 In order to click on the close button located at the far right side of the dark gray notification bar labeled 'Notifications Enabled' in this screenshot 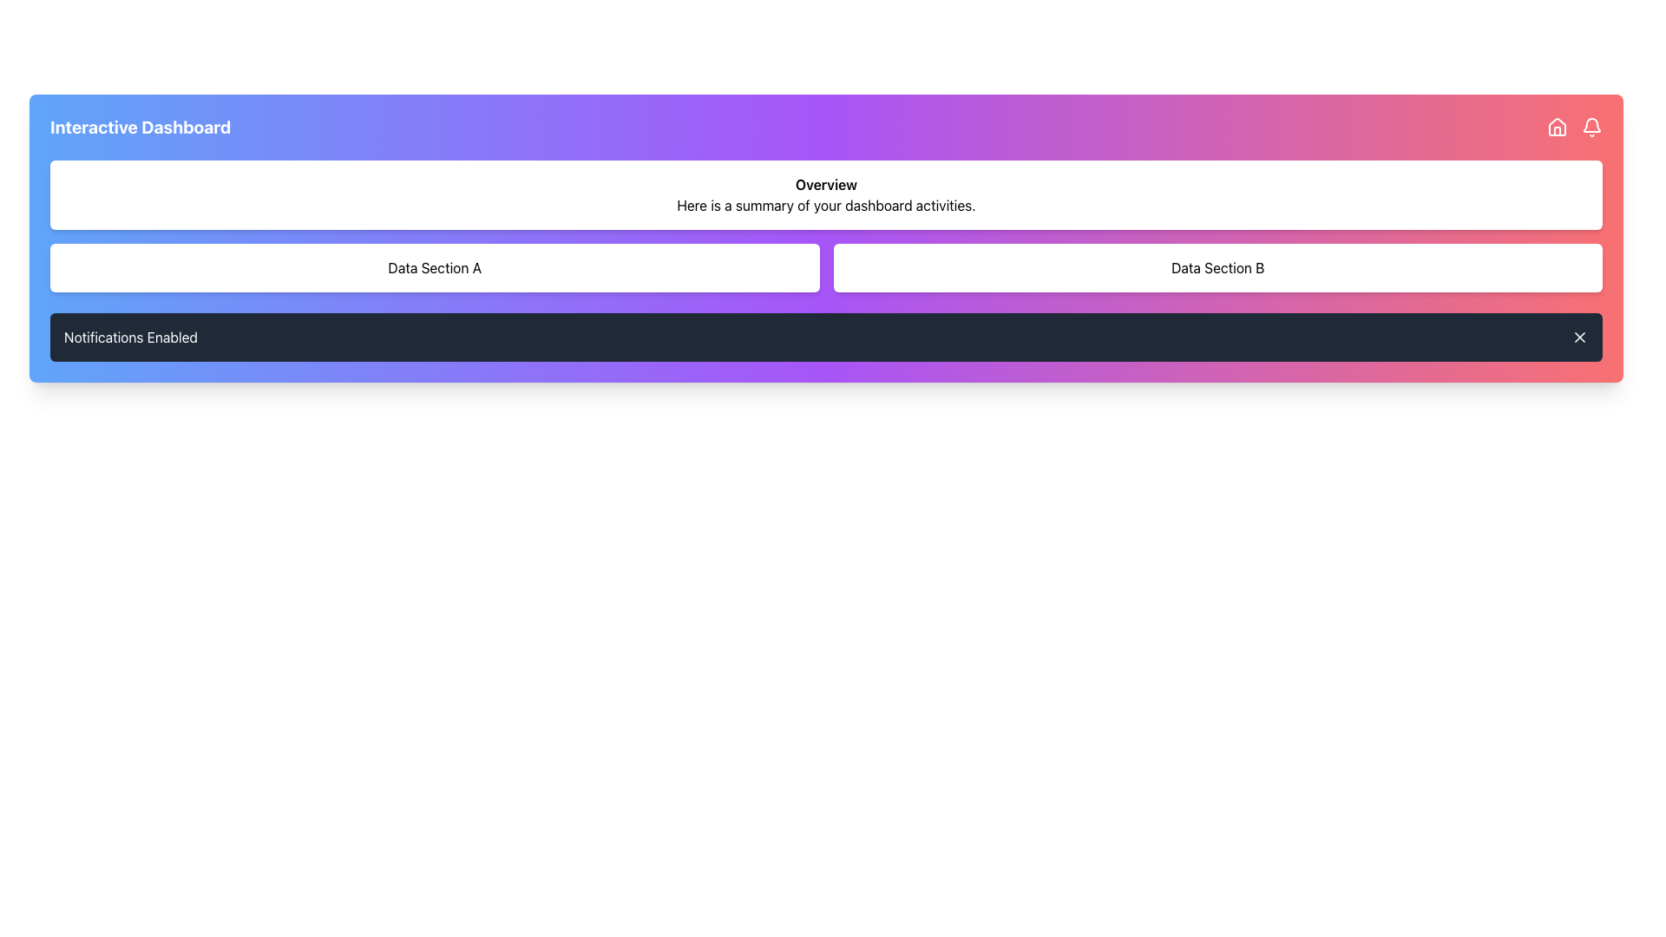, I will do `click(1579, 337)`.